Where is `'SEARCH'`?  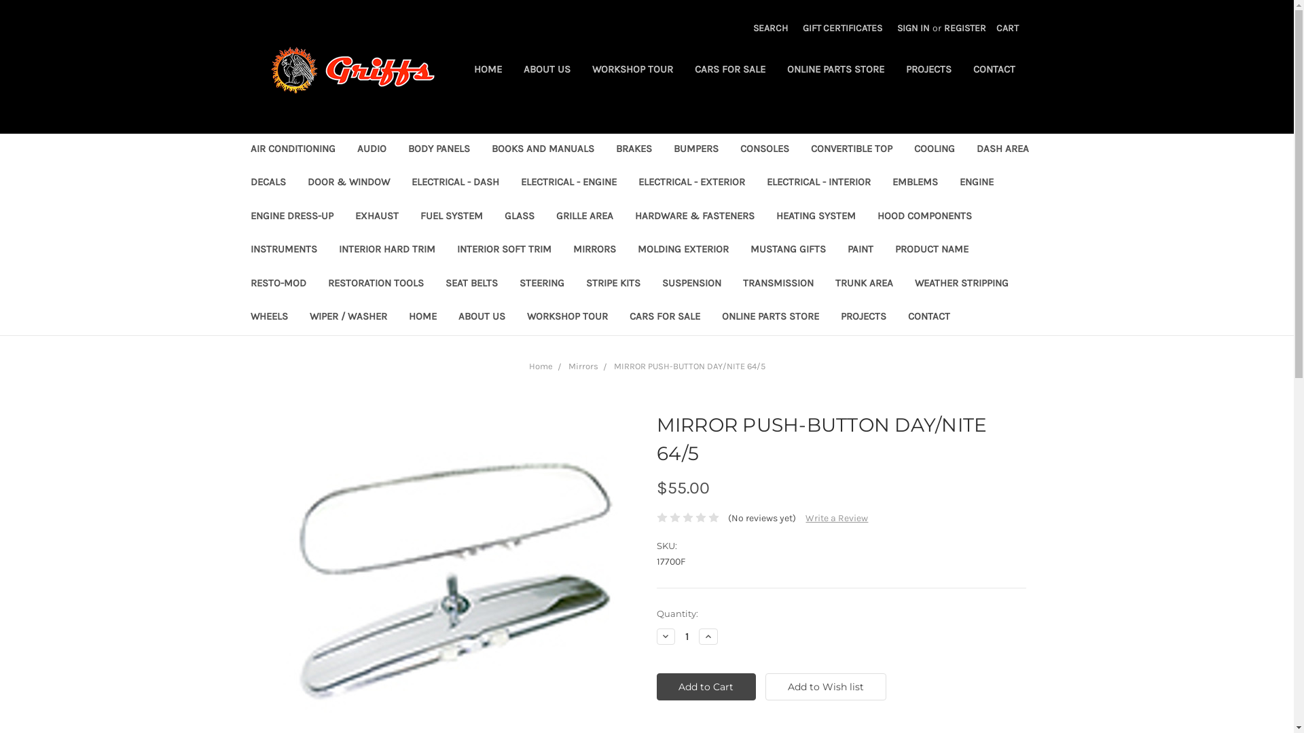
'SEARCH' is located at coordinates (770, 28).